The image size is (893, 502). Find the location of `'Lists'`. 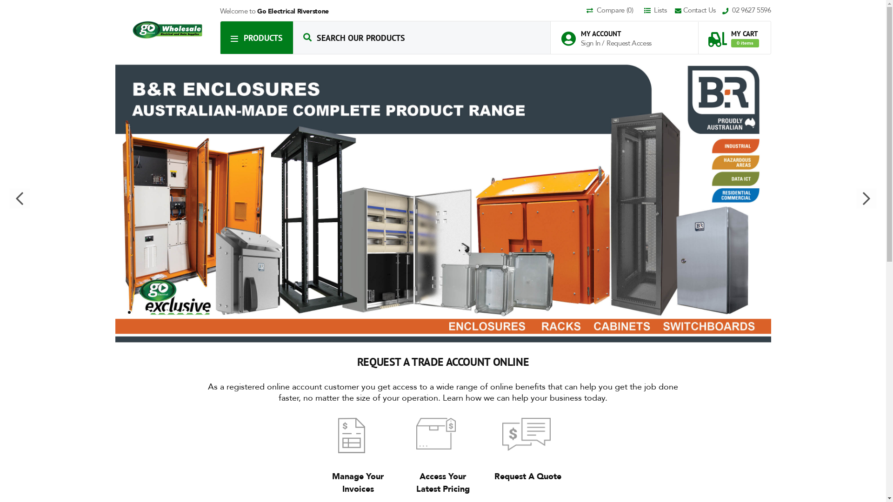

'Lists' is located at coordinates (644, 11).